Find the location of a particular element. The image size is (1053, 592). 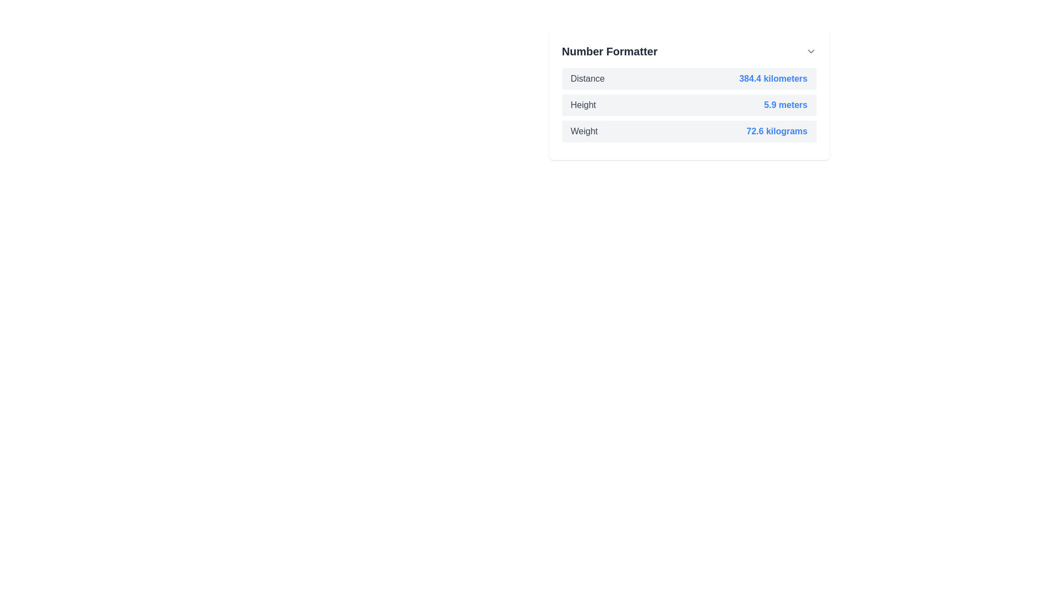

the Text label that serves as a contextual label for the distance value '384.4 kilometers' in the 'Number Formatter' section is located at coordinates (587, 78).